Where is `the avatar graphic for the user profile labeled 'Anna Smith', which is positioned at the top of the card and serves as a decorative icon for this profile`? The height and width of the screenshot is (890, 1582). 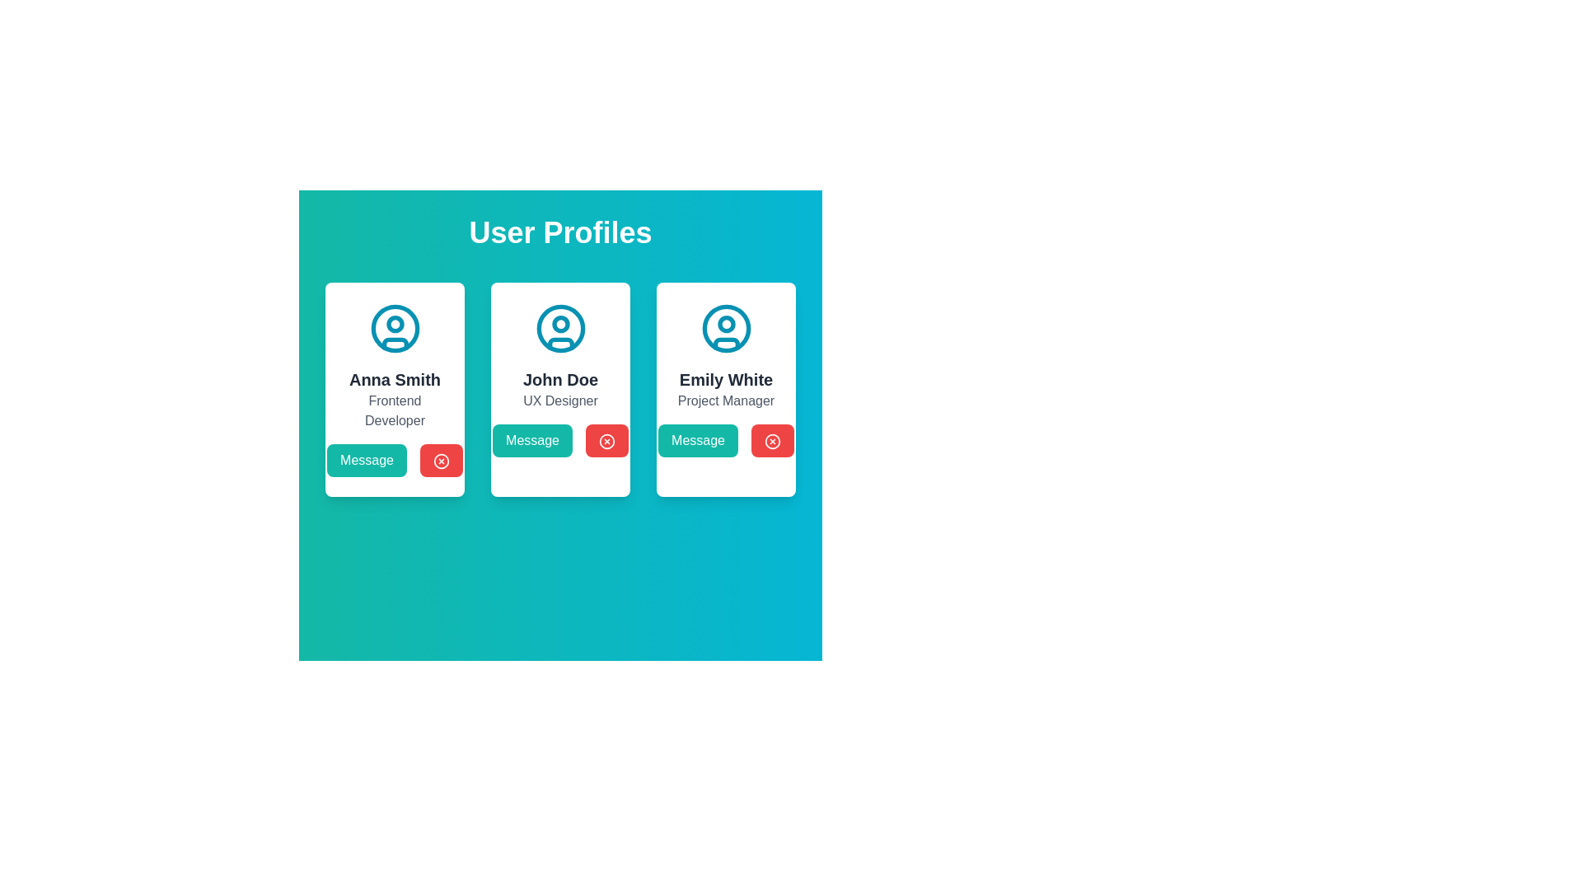 the avatar graphic for the user profile labeled 'Anna Smith', which is positioned at the top of the card and serves as a decorative icon for this profile is located at coordinates (394, 328).